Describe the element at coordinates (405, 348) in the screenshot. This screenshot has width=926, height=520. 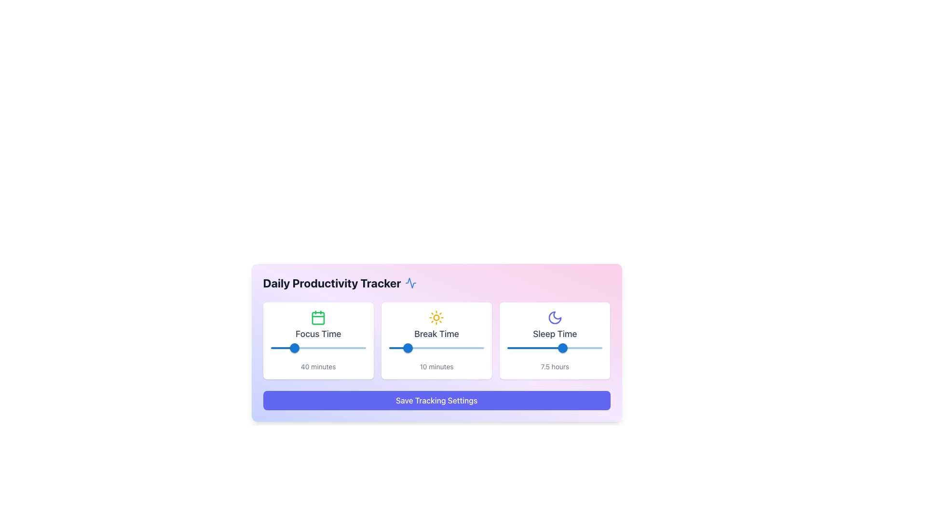
I see `break time` at that location.